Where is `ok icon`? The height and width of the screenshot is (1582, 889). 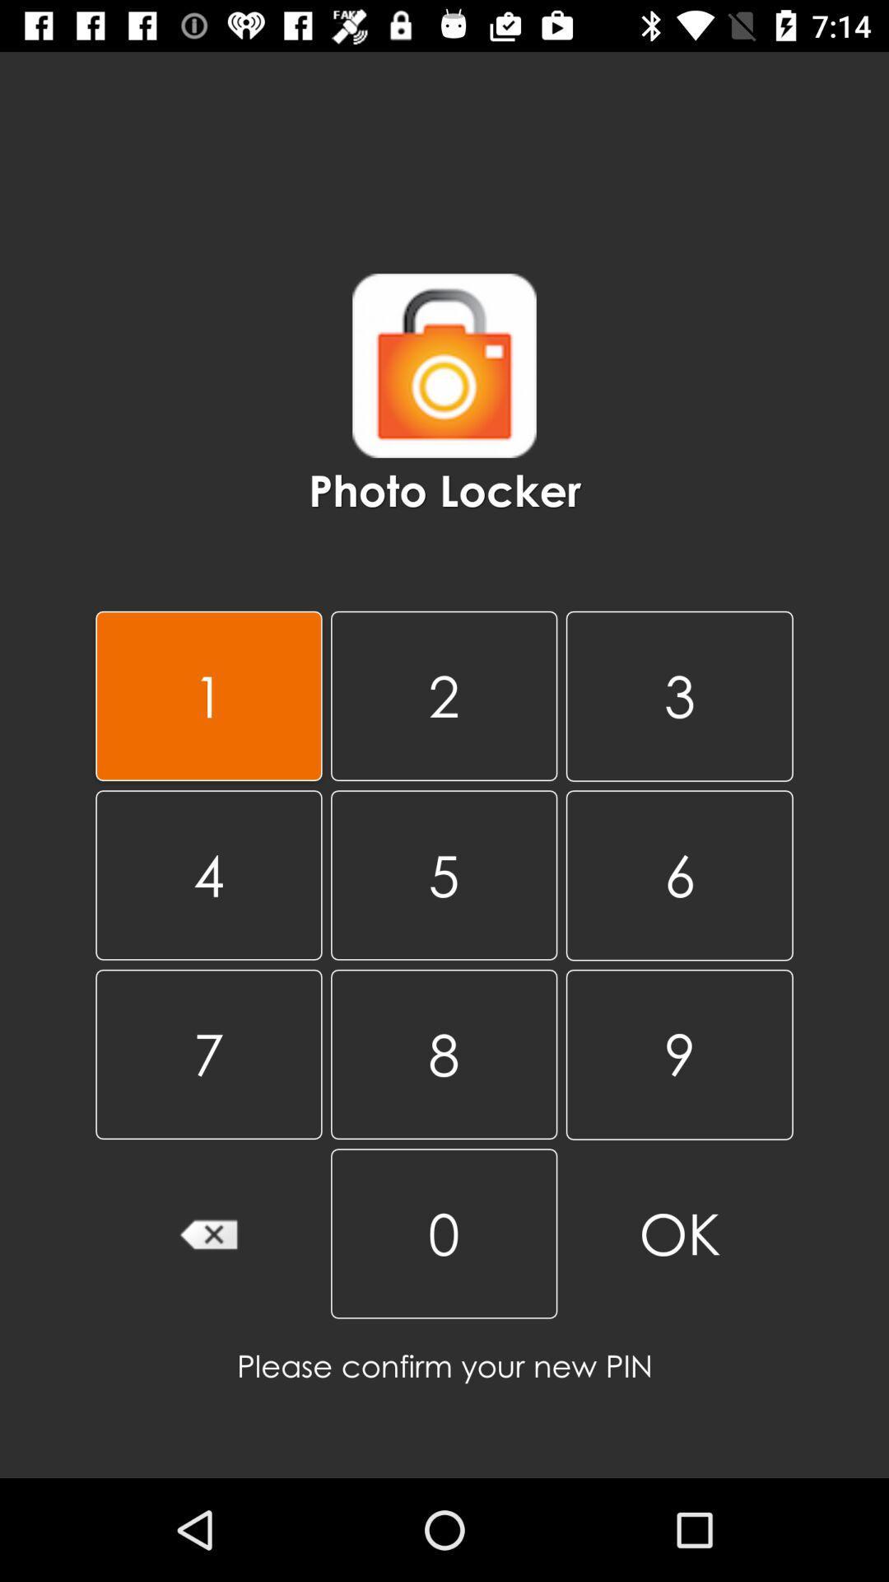
ok icon is located at coordinates (679, 1233).